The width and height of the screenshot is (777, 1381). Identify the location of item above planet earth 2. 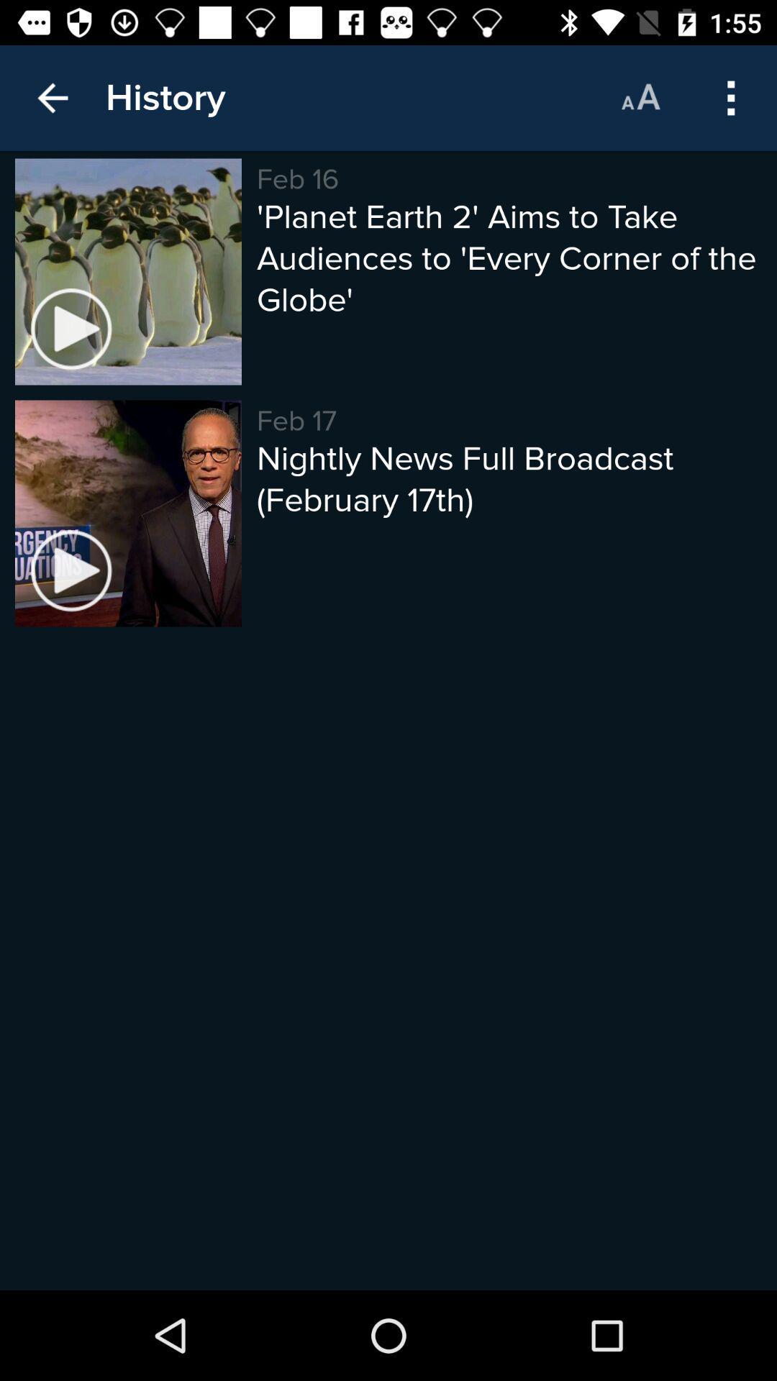
(640, 97).